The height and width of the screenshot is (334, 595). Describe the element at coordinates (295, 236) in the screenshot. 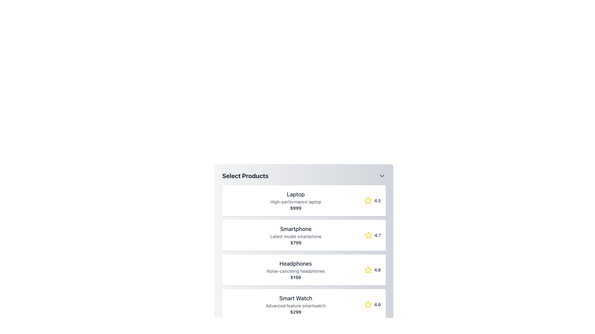

I see `the text label displaying 'Latest model smartphone', which is styled in a smaller light gray font and is positioned below the title 'Smartphone'` at that location.